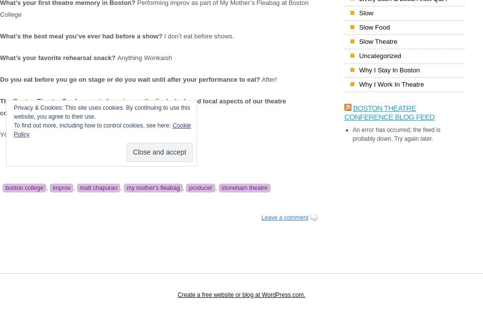  What do you see at coordinates (396, 134) in the screenshot?
I see `'An error has occurred; the feed is probably down. Try again later.'` at bounding box center [396, 134].